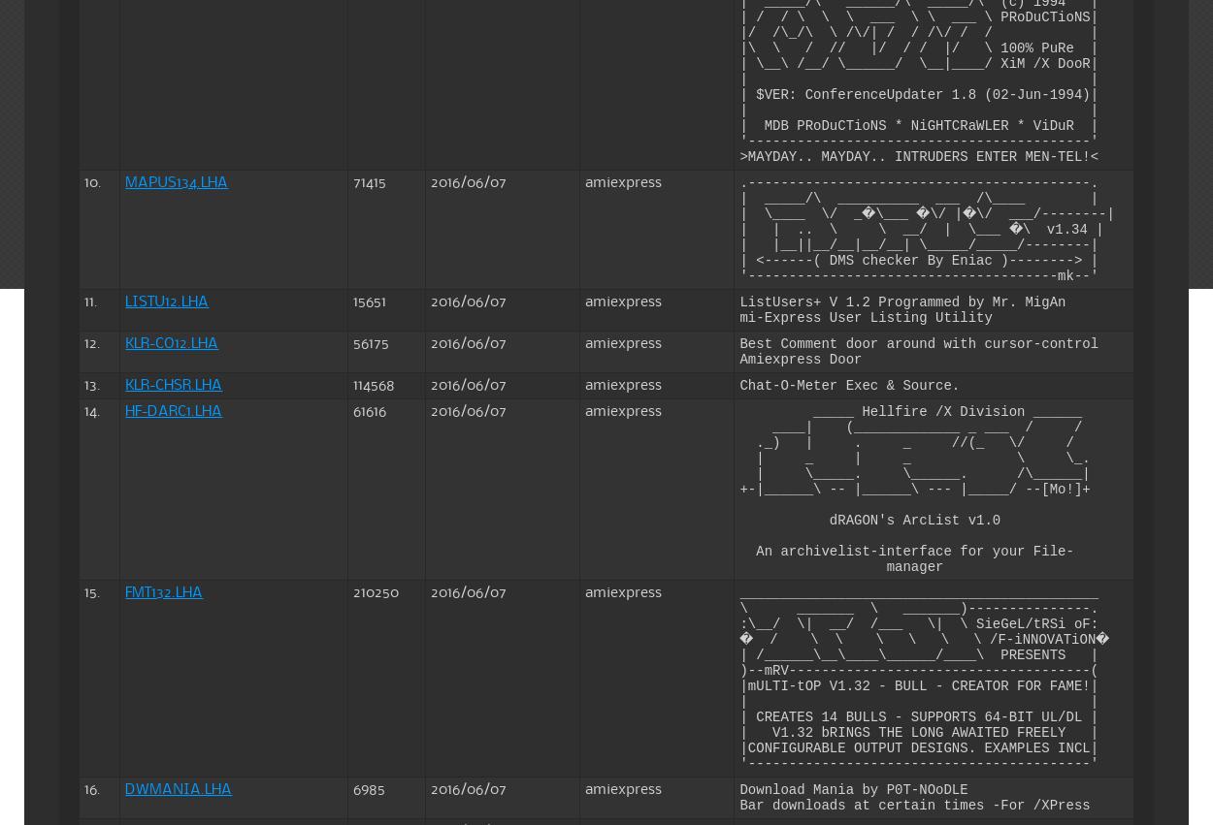  Describe the element at coordinates (840, 566) in the screenshot. I see `'manager'` at that location.